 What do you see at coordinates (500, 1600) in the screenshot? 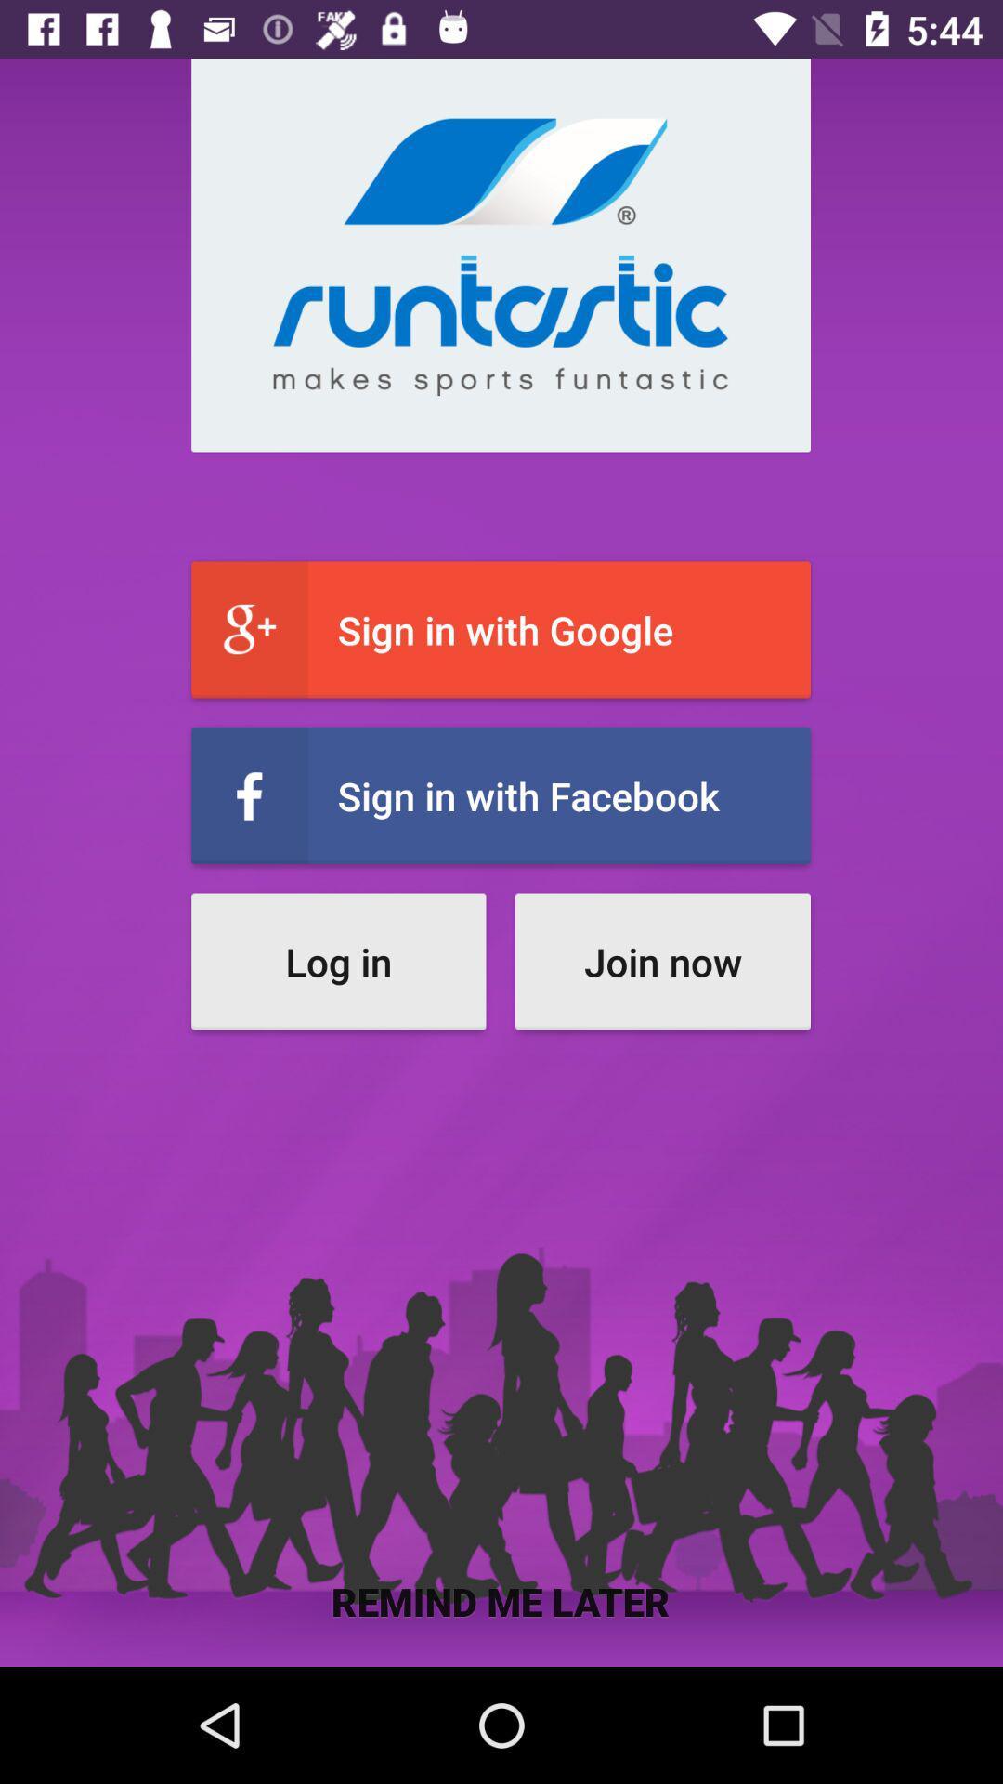
I see `the item below the log in button` at bounding box center [500, 1600].